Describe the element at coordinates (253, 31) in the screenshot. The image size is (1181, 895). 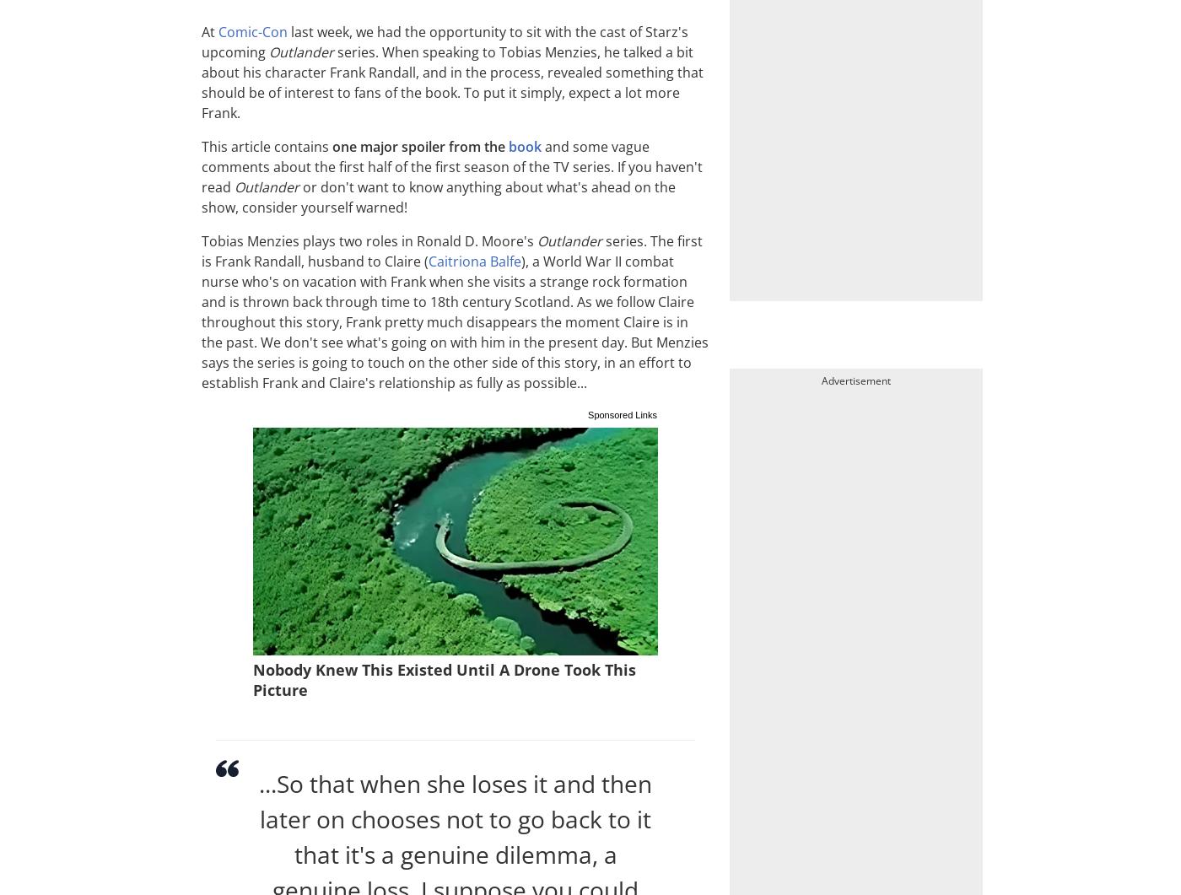
I see `'Comic-Con'` at that location.